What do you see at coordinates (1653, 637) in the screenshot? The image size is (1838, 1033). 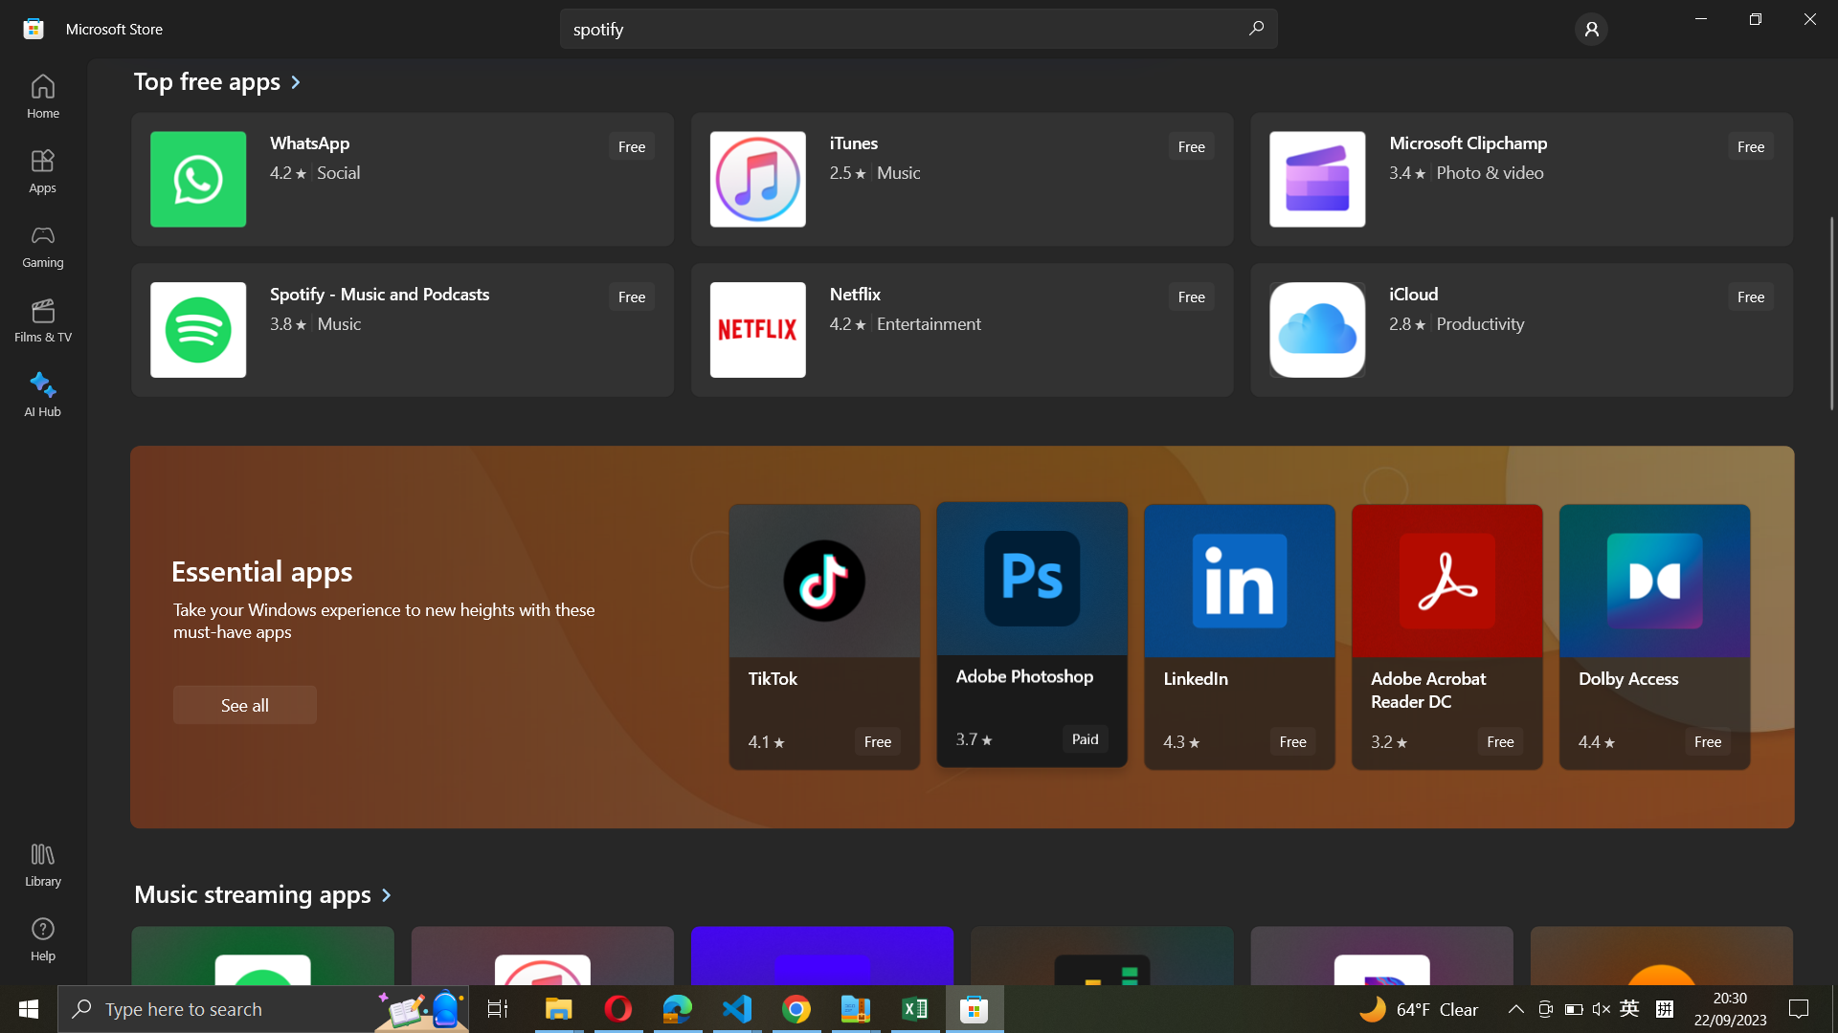 I see `Execute Dolby Access software` at bounding box center [1653, 637].